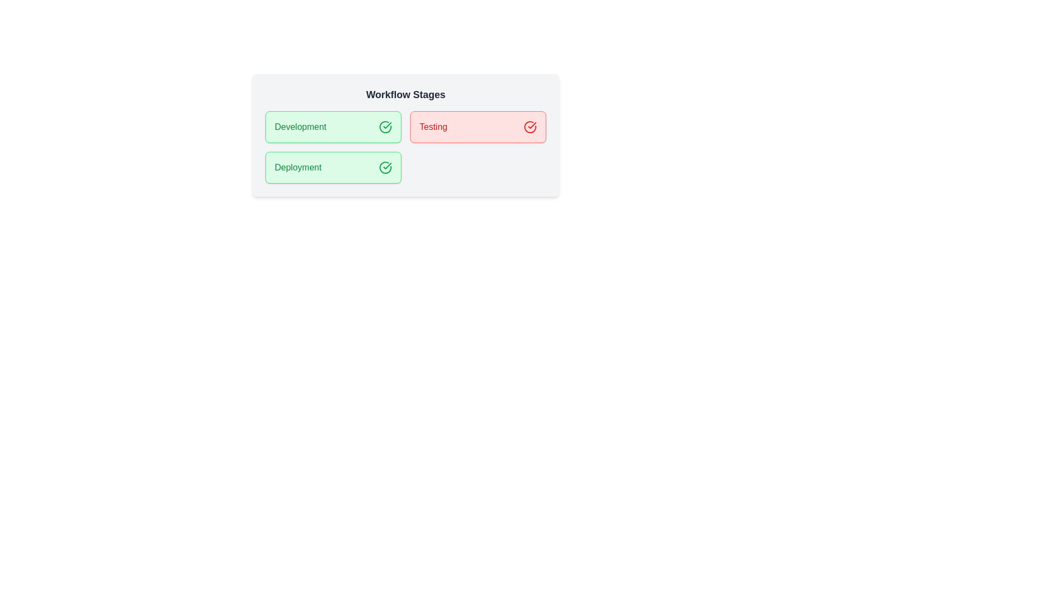 Image resolution: width=1053 pixels, height=592 pixels. What do you see at coordinates (478, 126) in the screenshot?
I see `the second status indicator labeled 'Testing' in the middle row, which is positioned between 'Development' and 'Deployment' boxes` at bounding box center [478, 126].